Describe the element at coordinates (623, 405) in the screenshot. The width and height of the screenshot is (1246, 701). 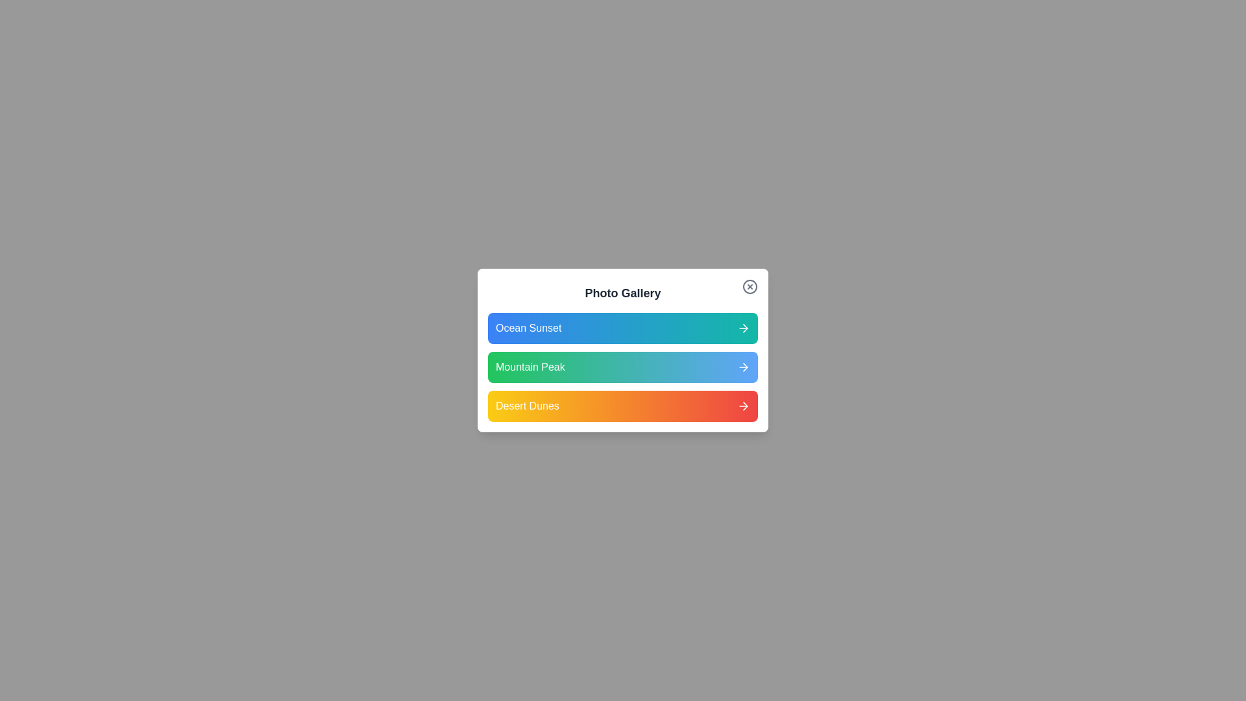
I see `the photo titled Desert Dunes from the list` at that location.